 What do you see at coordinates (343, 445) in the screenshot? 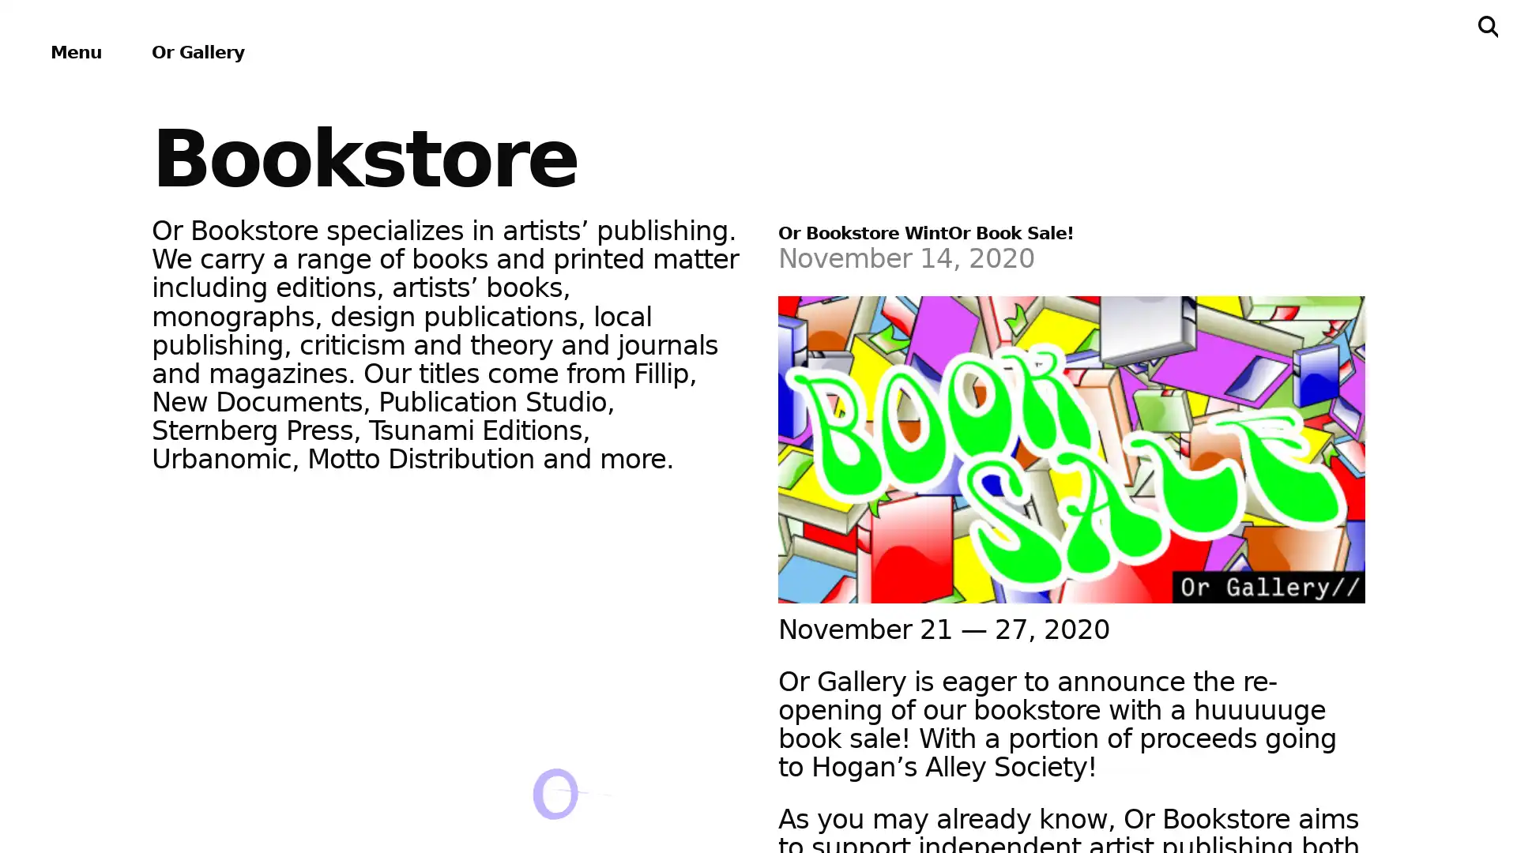
I see `Bookstore` at bounding box center [343, 445].